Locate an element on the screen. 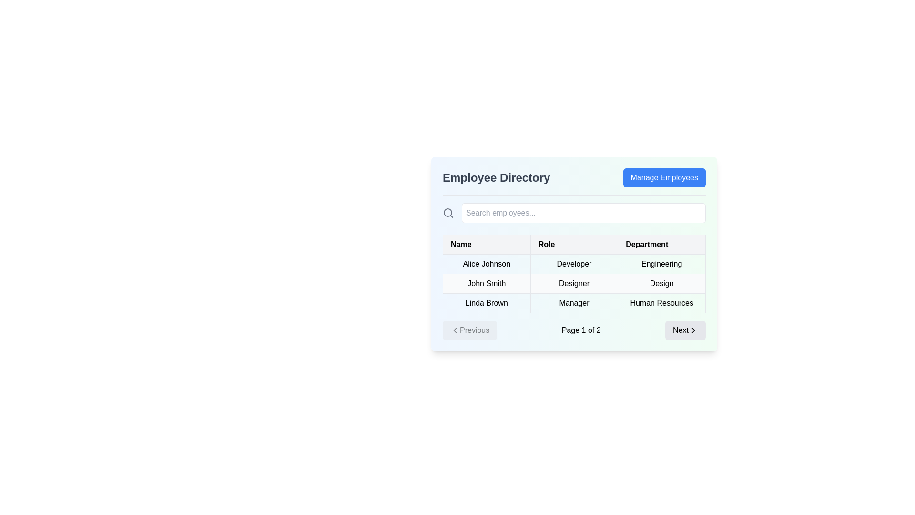  the chevron icon within the 'Previous' button located at the bottom-left of the interface is located at coordinates (455, 330).